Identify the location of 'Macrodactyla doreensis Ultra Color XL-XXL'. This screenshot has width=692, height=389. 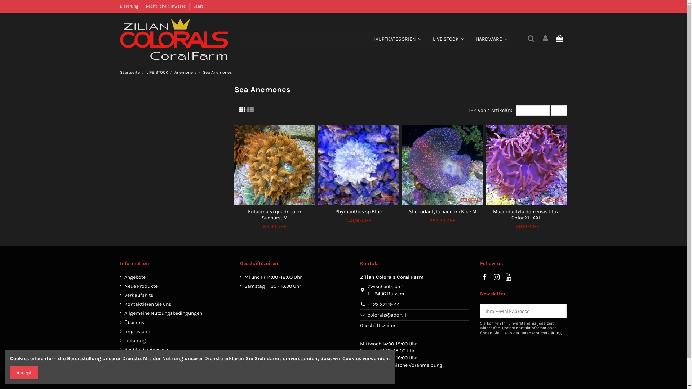
(526, 214).